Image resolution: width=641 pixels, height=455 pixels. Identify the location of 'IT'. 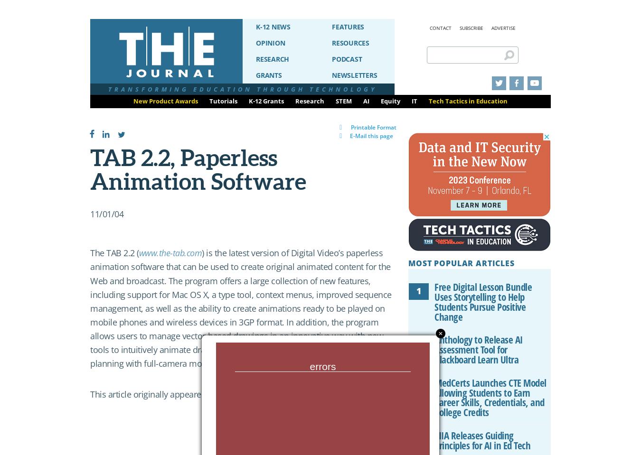
(415, 101).